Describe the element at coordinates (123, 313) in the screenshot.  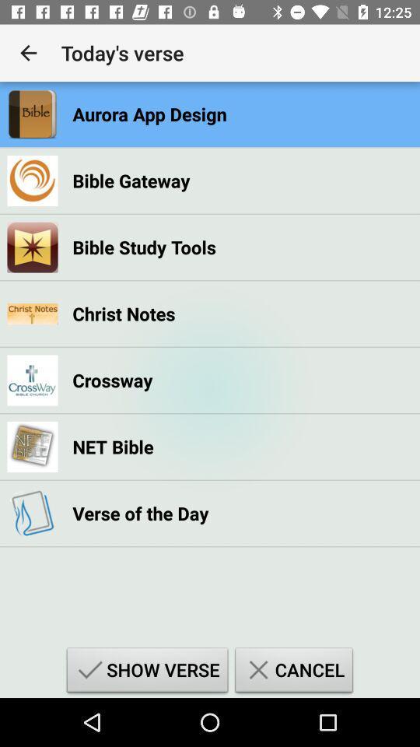
I see `christ notes item` at that location.